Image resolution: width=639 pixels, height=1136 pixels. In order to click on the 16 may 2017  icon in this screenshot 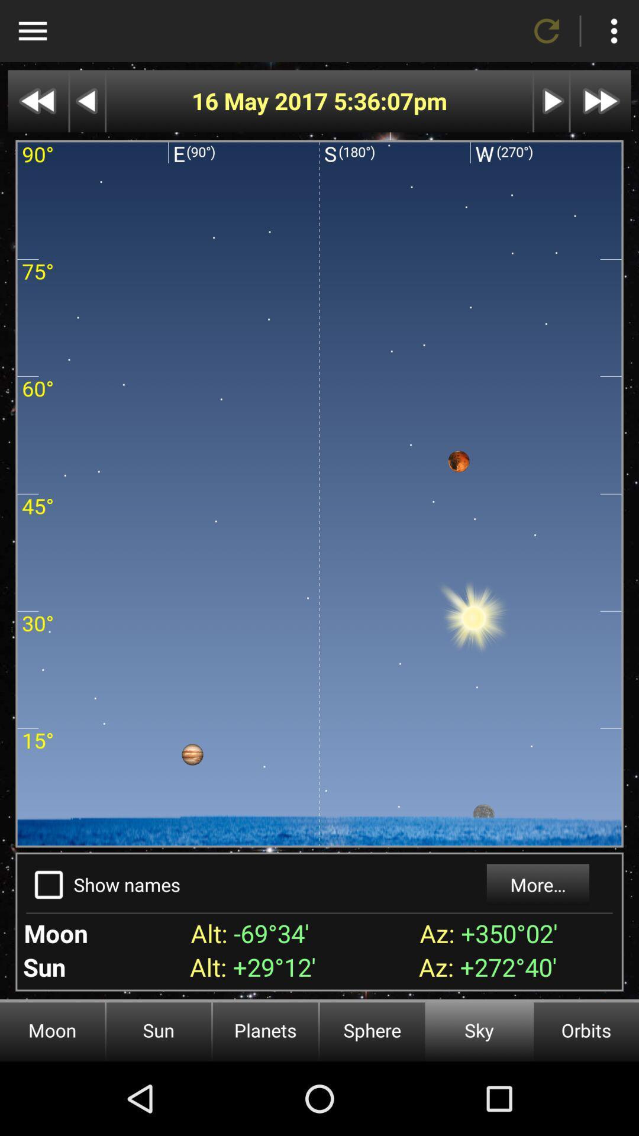, I will do `click(262, 101)`.